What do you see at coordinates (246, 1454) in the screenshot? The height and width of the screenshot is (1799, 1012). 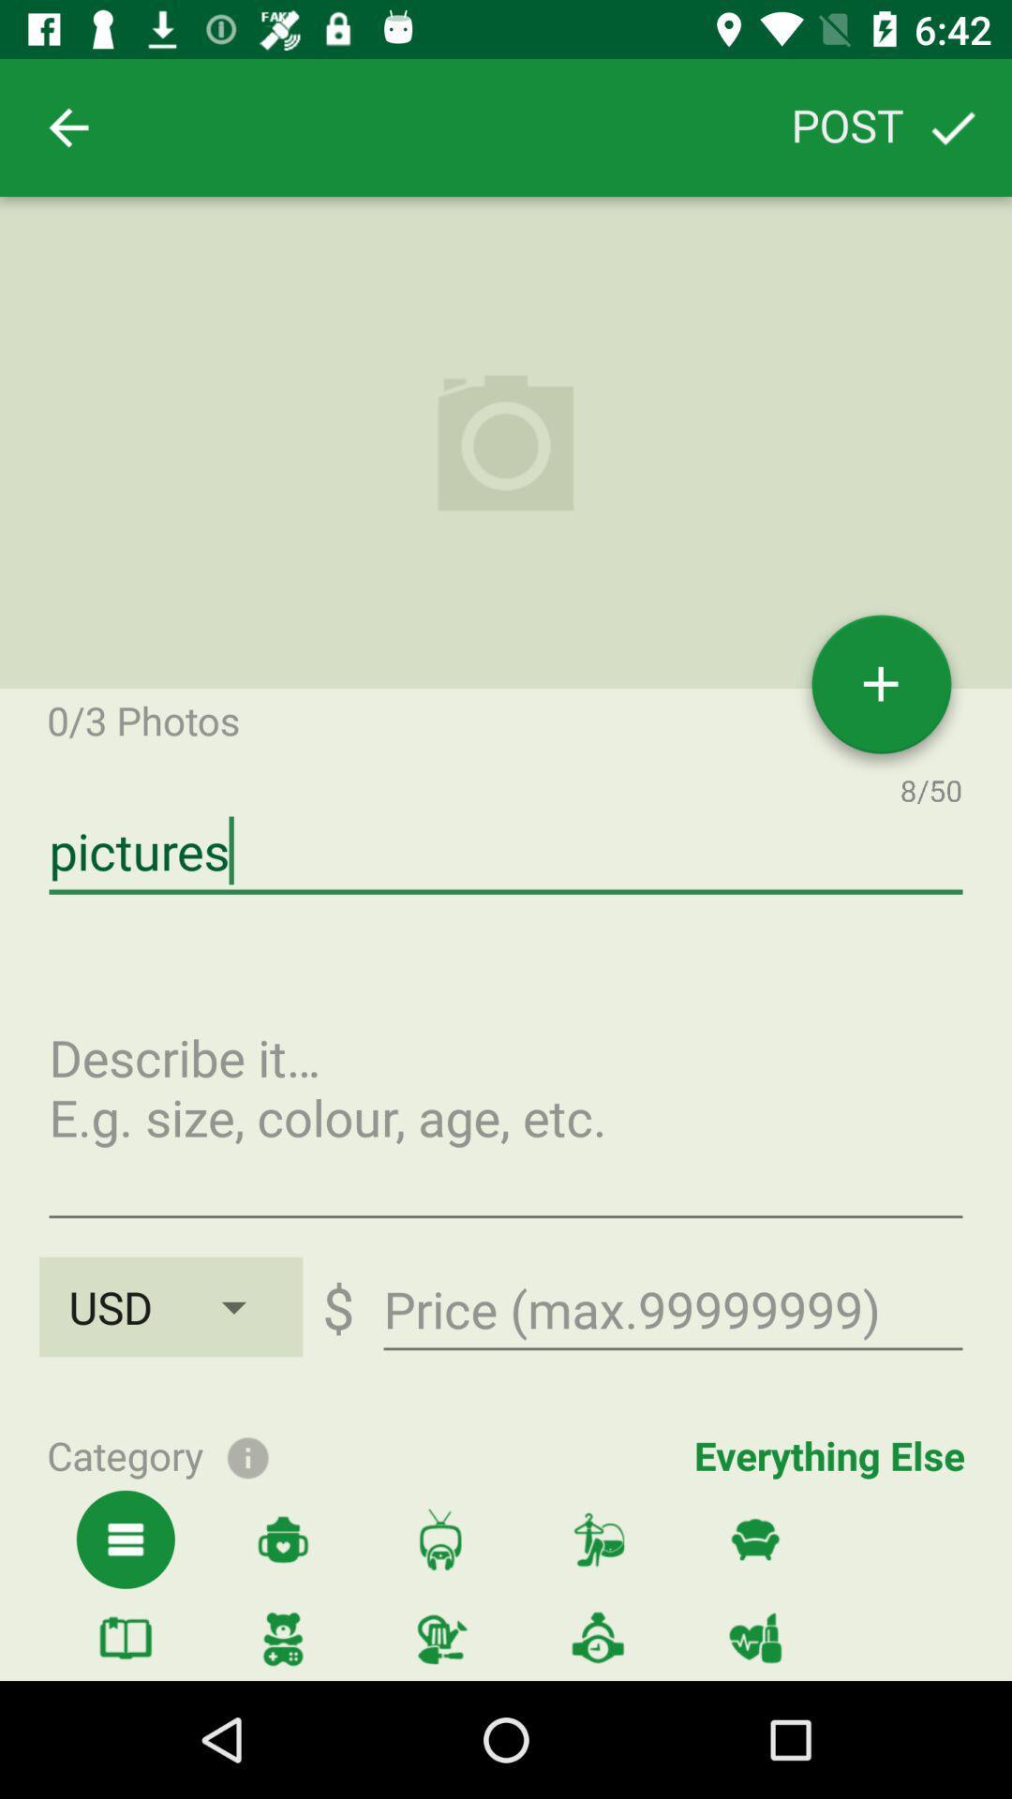 I see `the info icon` at bounding box center [246, 1454].